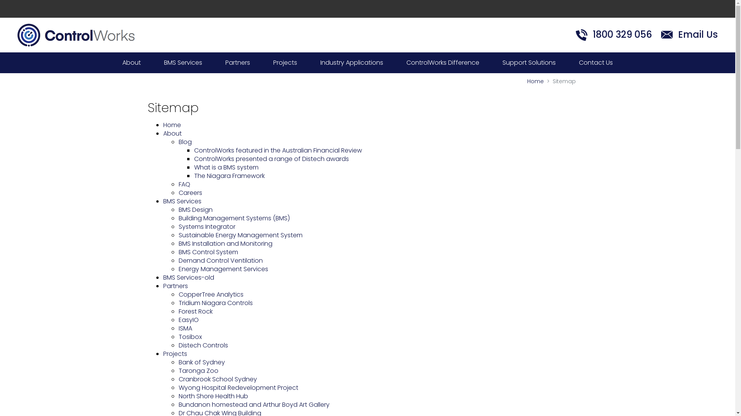  What do you see at coordinates (162, 124) in the screenshot?
I see `'Home'` at bounding box center [162, 124].